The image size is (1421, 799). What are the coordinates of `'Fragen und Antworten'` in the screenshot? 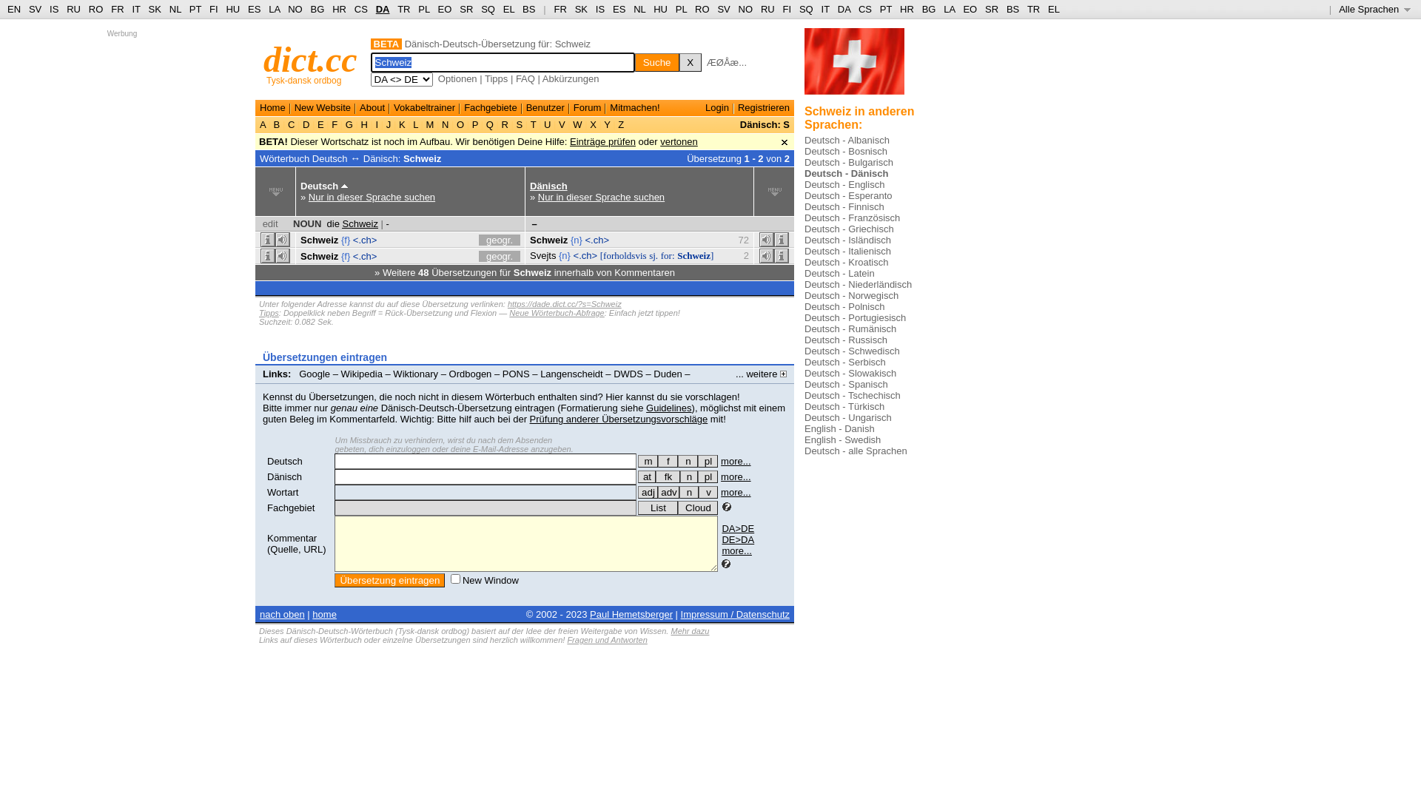 It's located at (607, 638).